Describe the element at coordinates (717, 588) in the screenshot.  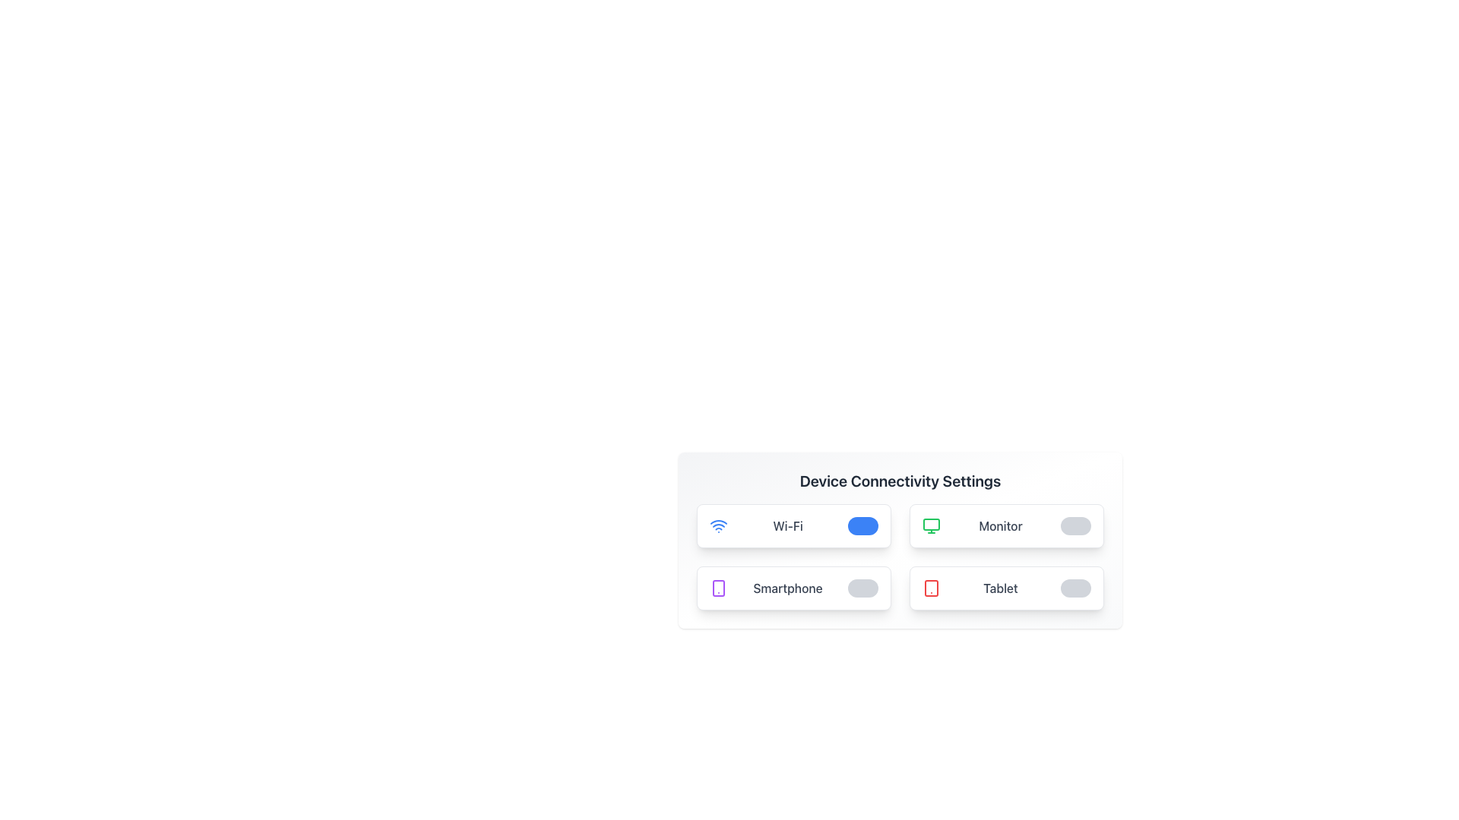
I see `the smartphone icon element, which is a purple icon with rounded corners and a small dot, located next to the label 'Smartphone' in the lower-left section of the settings card` at that location.